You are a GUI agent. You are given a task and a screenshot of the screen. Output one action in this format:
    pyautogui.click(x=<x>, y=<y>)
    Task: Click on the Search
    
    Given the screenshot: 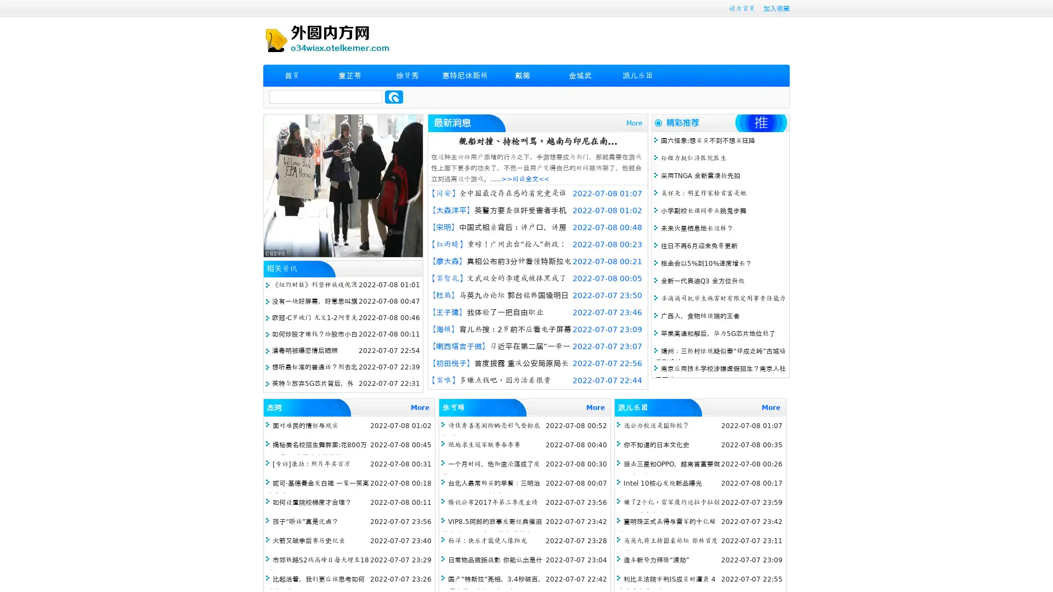 What is the action you would take?
    pyautogui.click(x=394, y=96)
    